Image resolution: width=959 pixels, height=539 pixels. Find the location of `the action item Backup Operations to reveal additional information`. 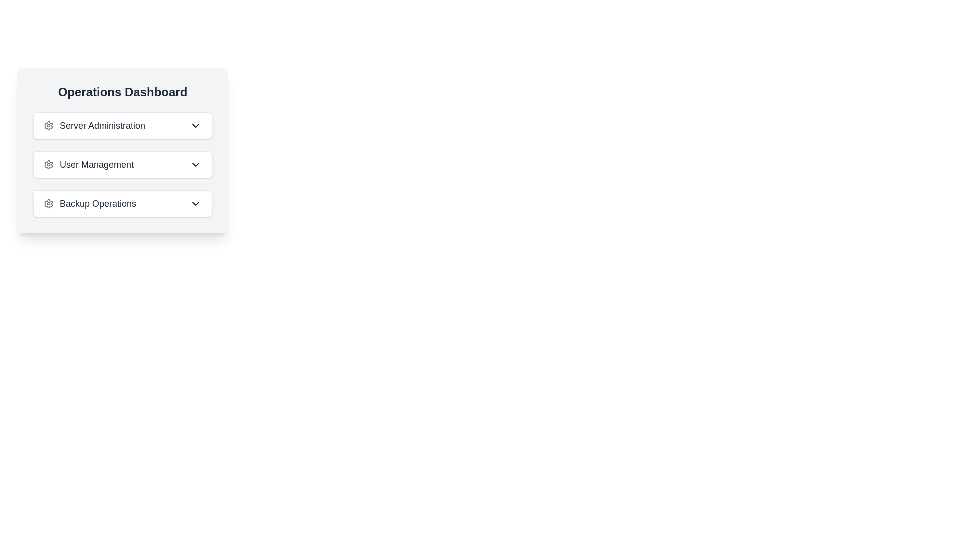

the action item Backup Operations to reveal additional information is located at coordinates (122, 203).